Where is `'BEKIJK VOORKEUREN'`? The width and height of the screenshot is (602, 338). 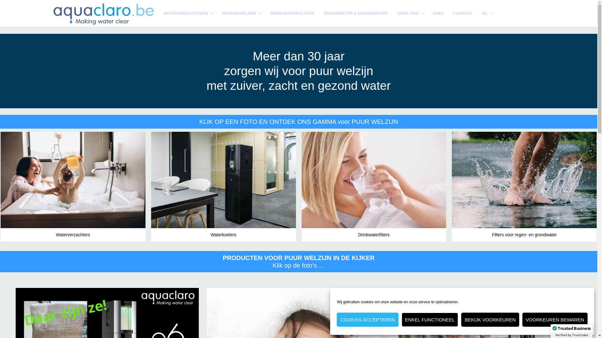
'BEKIJK VOORKEUREN' is located at coordinates (461, 320).